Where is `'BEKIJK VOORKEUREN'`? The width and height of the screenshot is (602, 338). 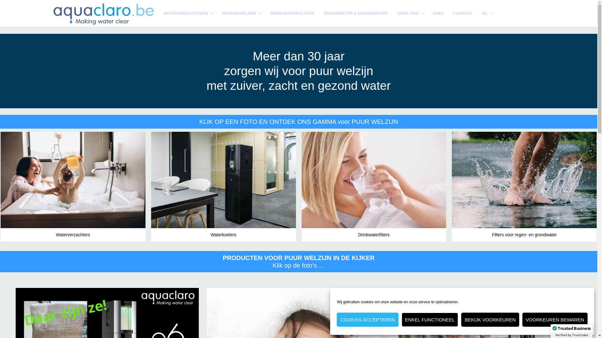
'BEKIJK VOORKEUREN' is located at coordinates (461, 320).